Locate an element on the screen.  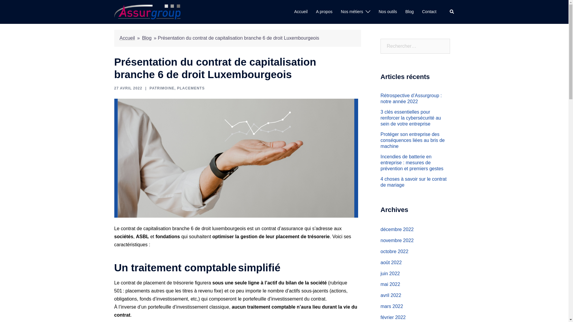
'Assurgroup' is located at coordinates (147, 11).